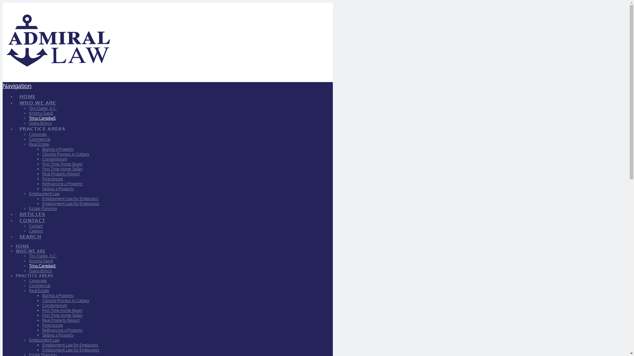 The width and height of the screenshot is (634, 356). What do you see at coordinates (39, 144) in the screenshot?
I see `'Real Estate'` at bounding box center [39, 144].